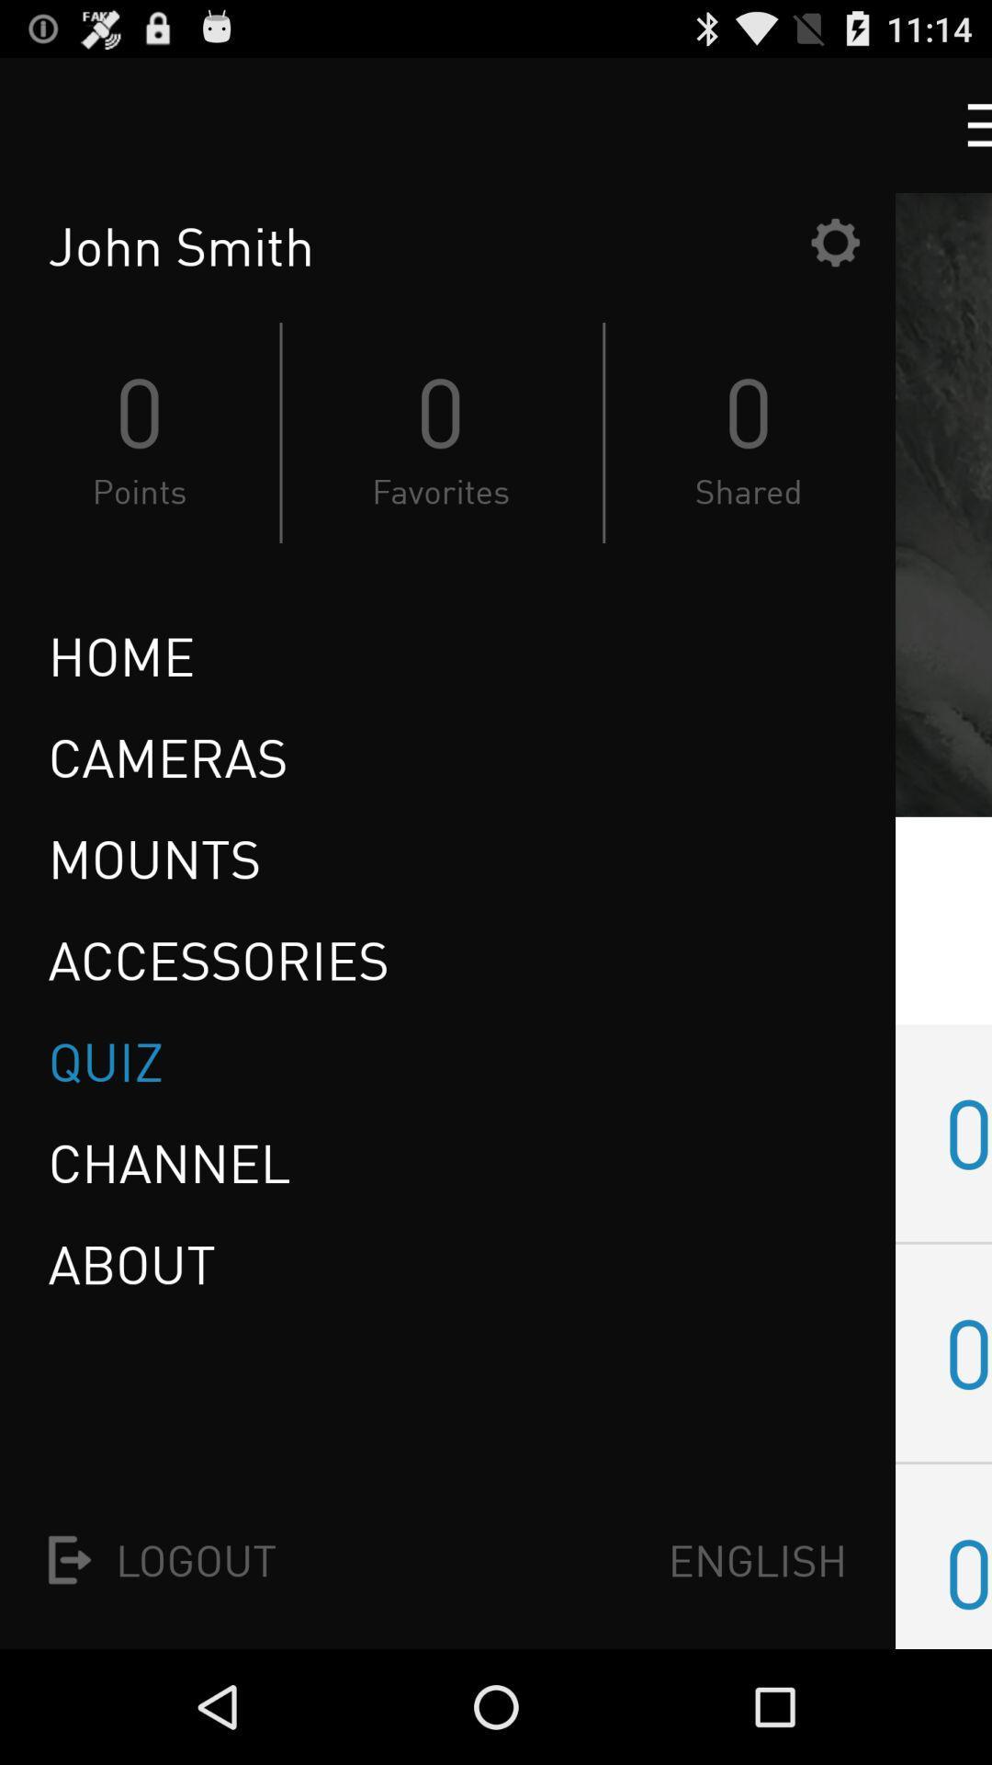 This screenshot has height=1765, width=992. What do you see at coordinates (130, 1263) in the screenshot?
I see `icon above logout` at bounding box center [130, 1263].